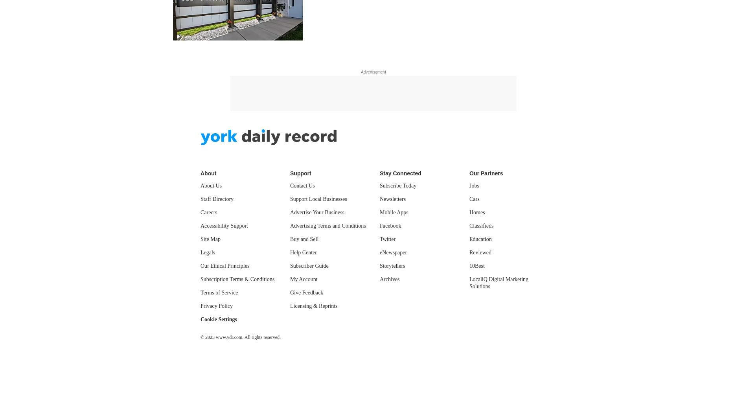 Image resolution: width=747 pixels, height=401 pixels. What do you see at coordinates (208, 252) in the screenshot?
I see `'Legals'` at bounding box center [208, 252].